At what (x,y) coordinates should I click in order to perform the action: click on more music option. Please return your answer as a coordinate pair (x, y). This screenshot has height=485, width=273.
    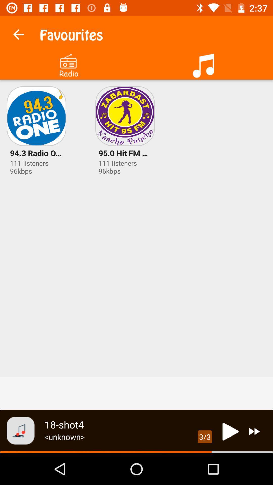
    Looking at the image, I should click on (205, 63).